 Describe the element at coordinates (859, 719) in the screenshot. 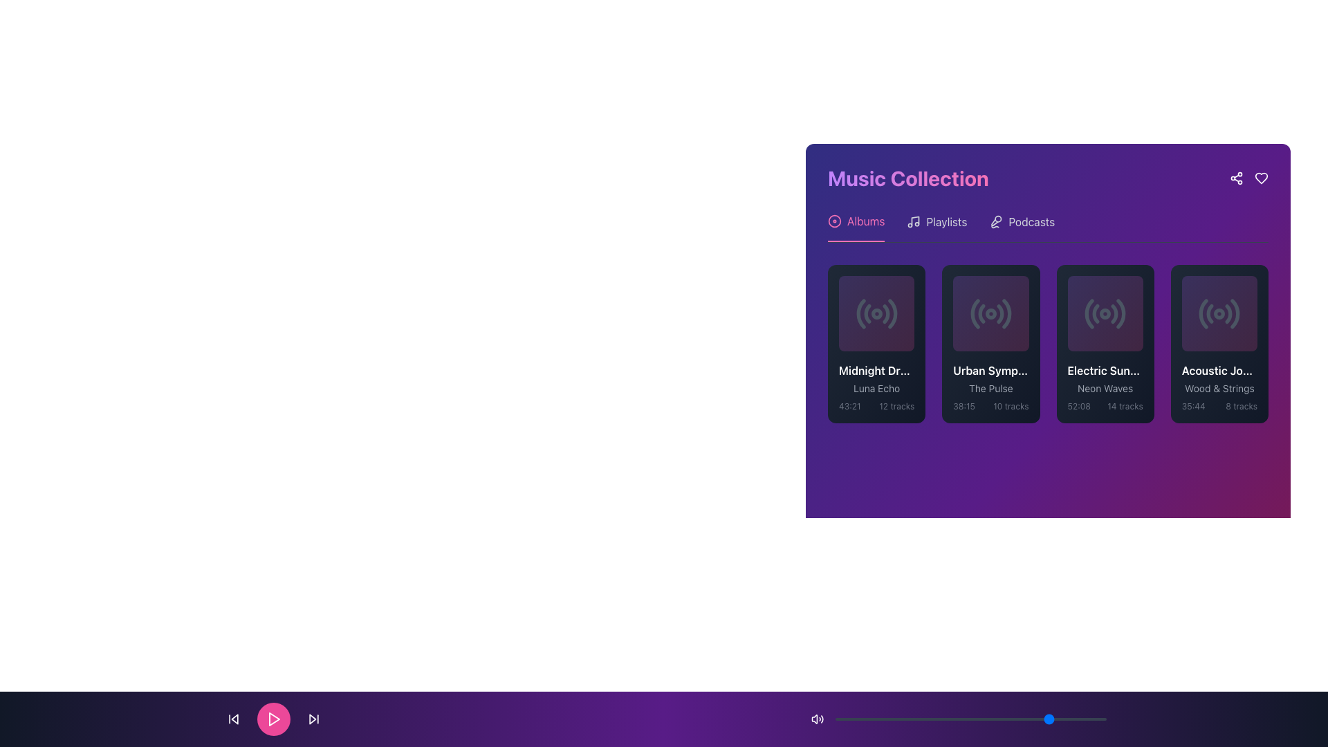

I see `the slider value` at that location.